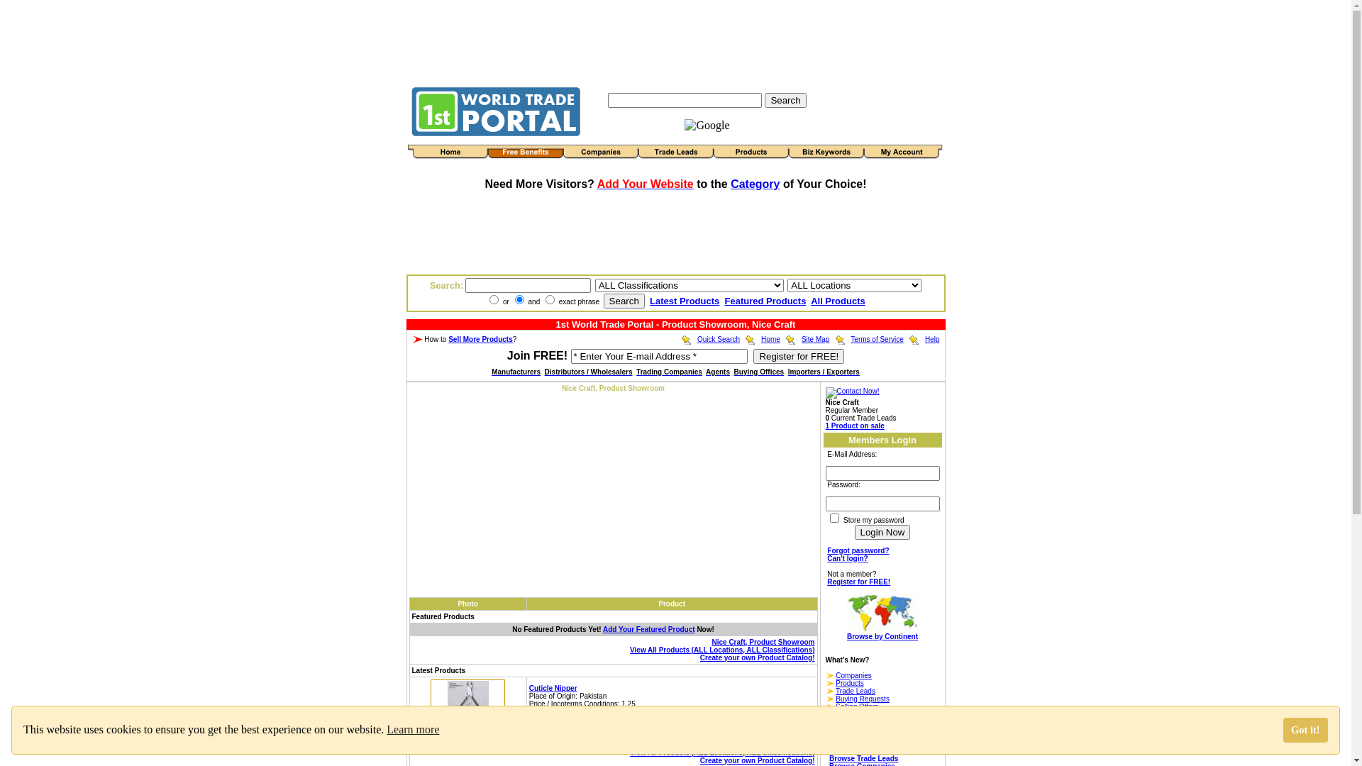 The image size is (1362, 766). Describe the element at coordinates (824, 371) in the screenshot. I see `'Importers / Exporters'` at that location.